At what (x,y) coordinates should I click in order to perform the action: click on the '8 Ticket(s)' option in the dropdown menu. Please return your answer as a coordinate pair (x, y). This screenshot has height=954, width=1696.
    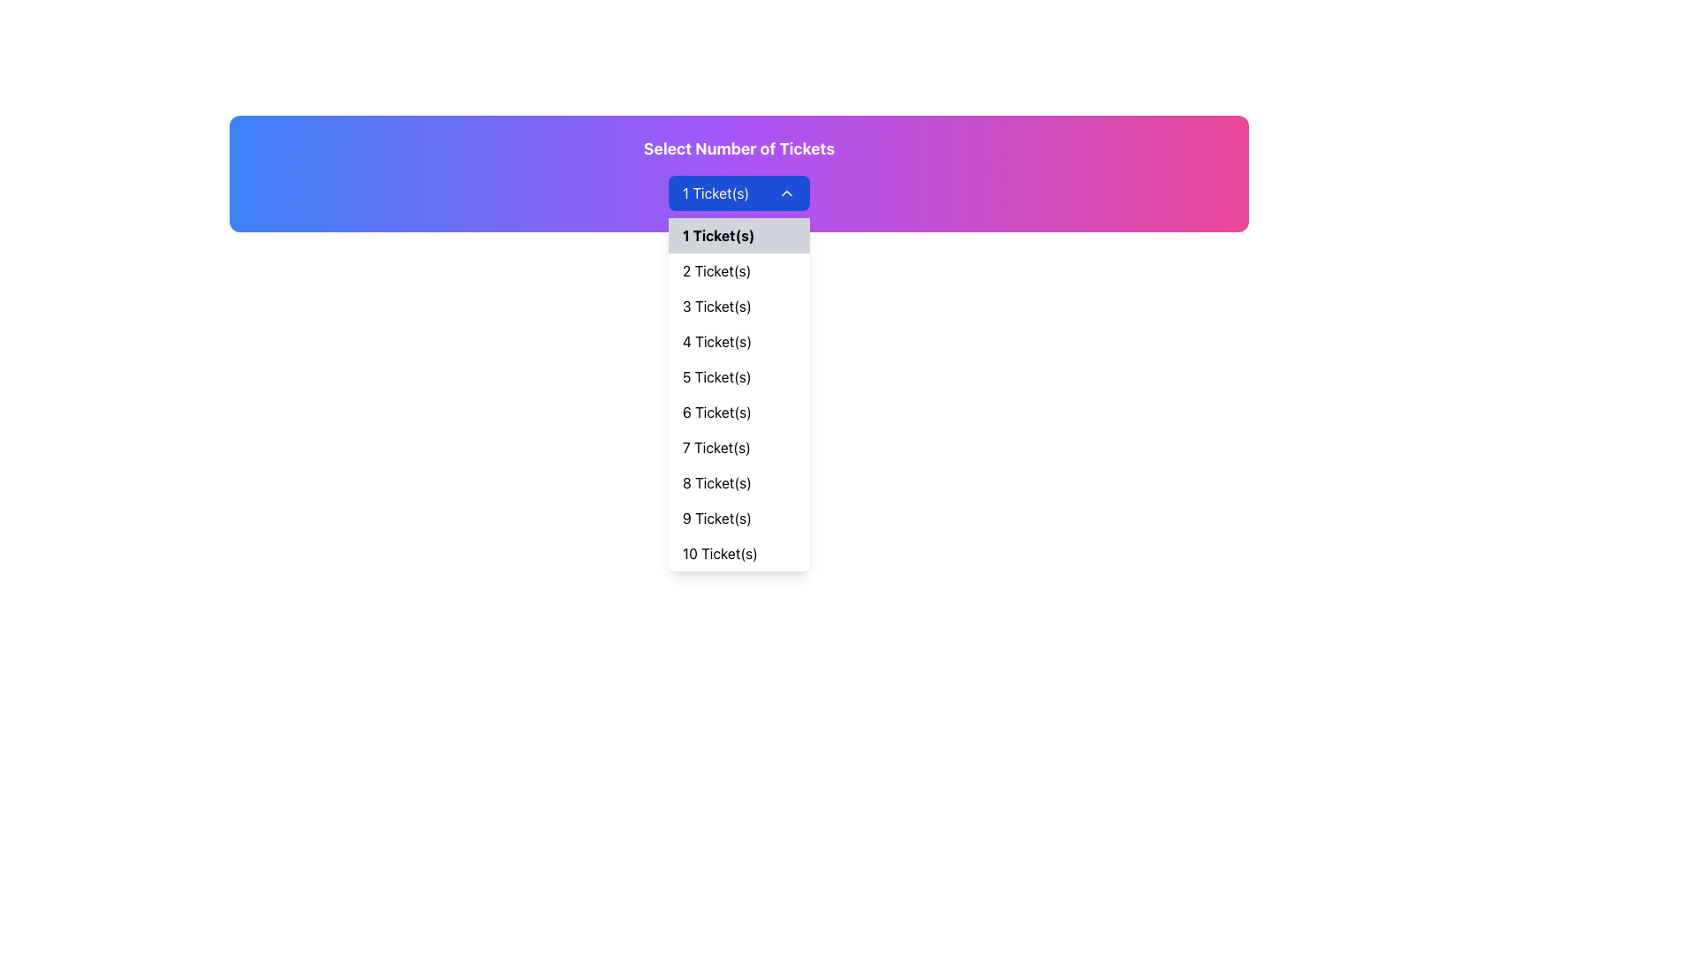
    Looking at the image, I should click on (738, 483).